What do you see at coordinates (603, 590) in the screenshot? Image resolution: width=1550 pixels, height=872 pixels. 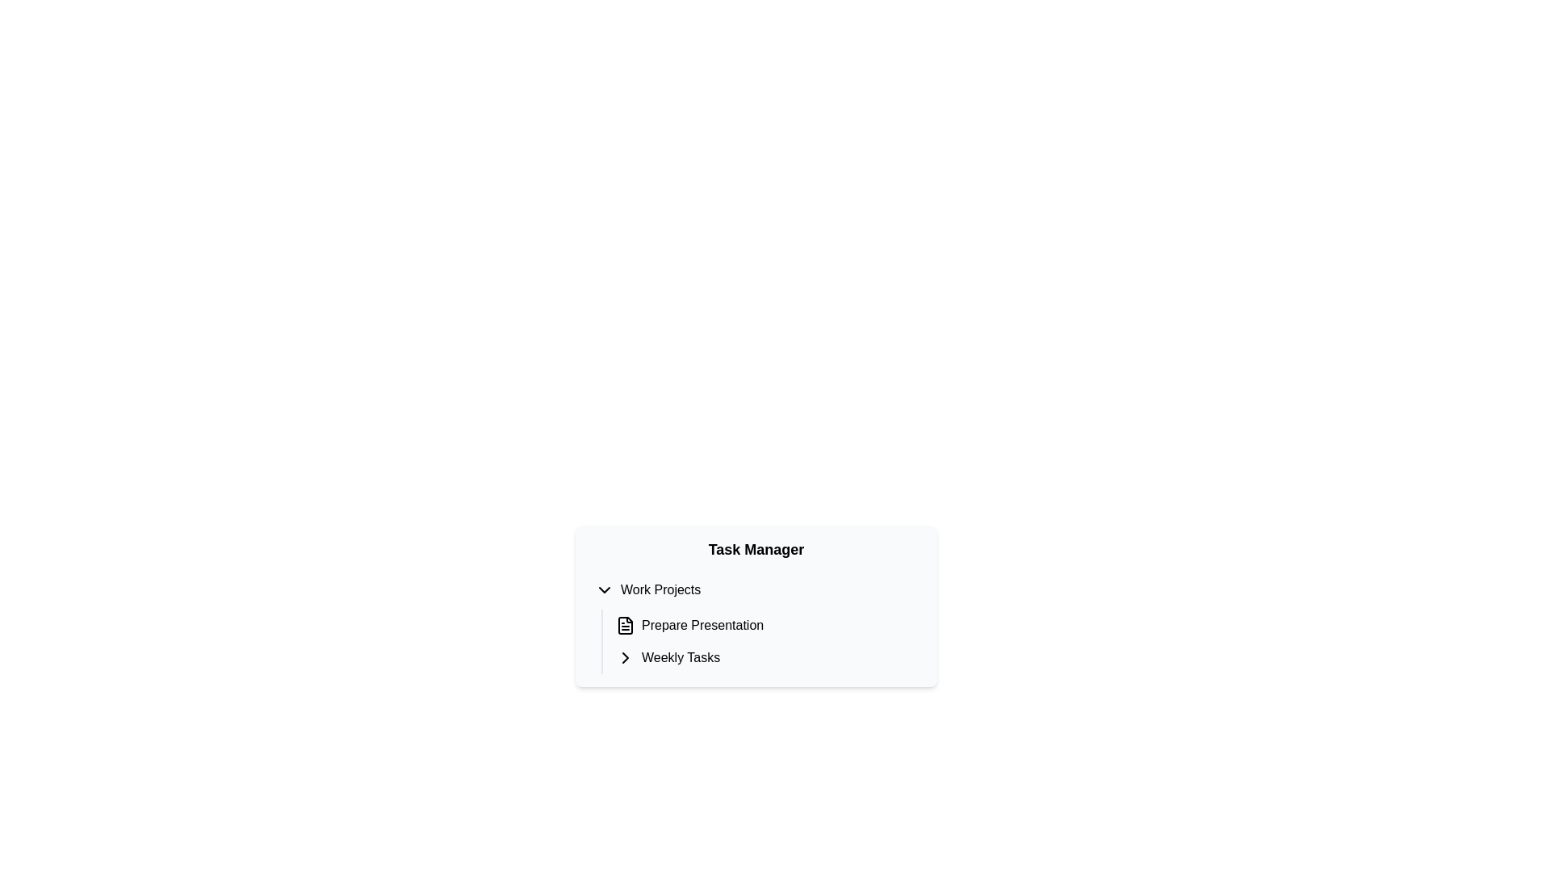 I see `the chevron icon` at bounding box center [603, 590].